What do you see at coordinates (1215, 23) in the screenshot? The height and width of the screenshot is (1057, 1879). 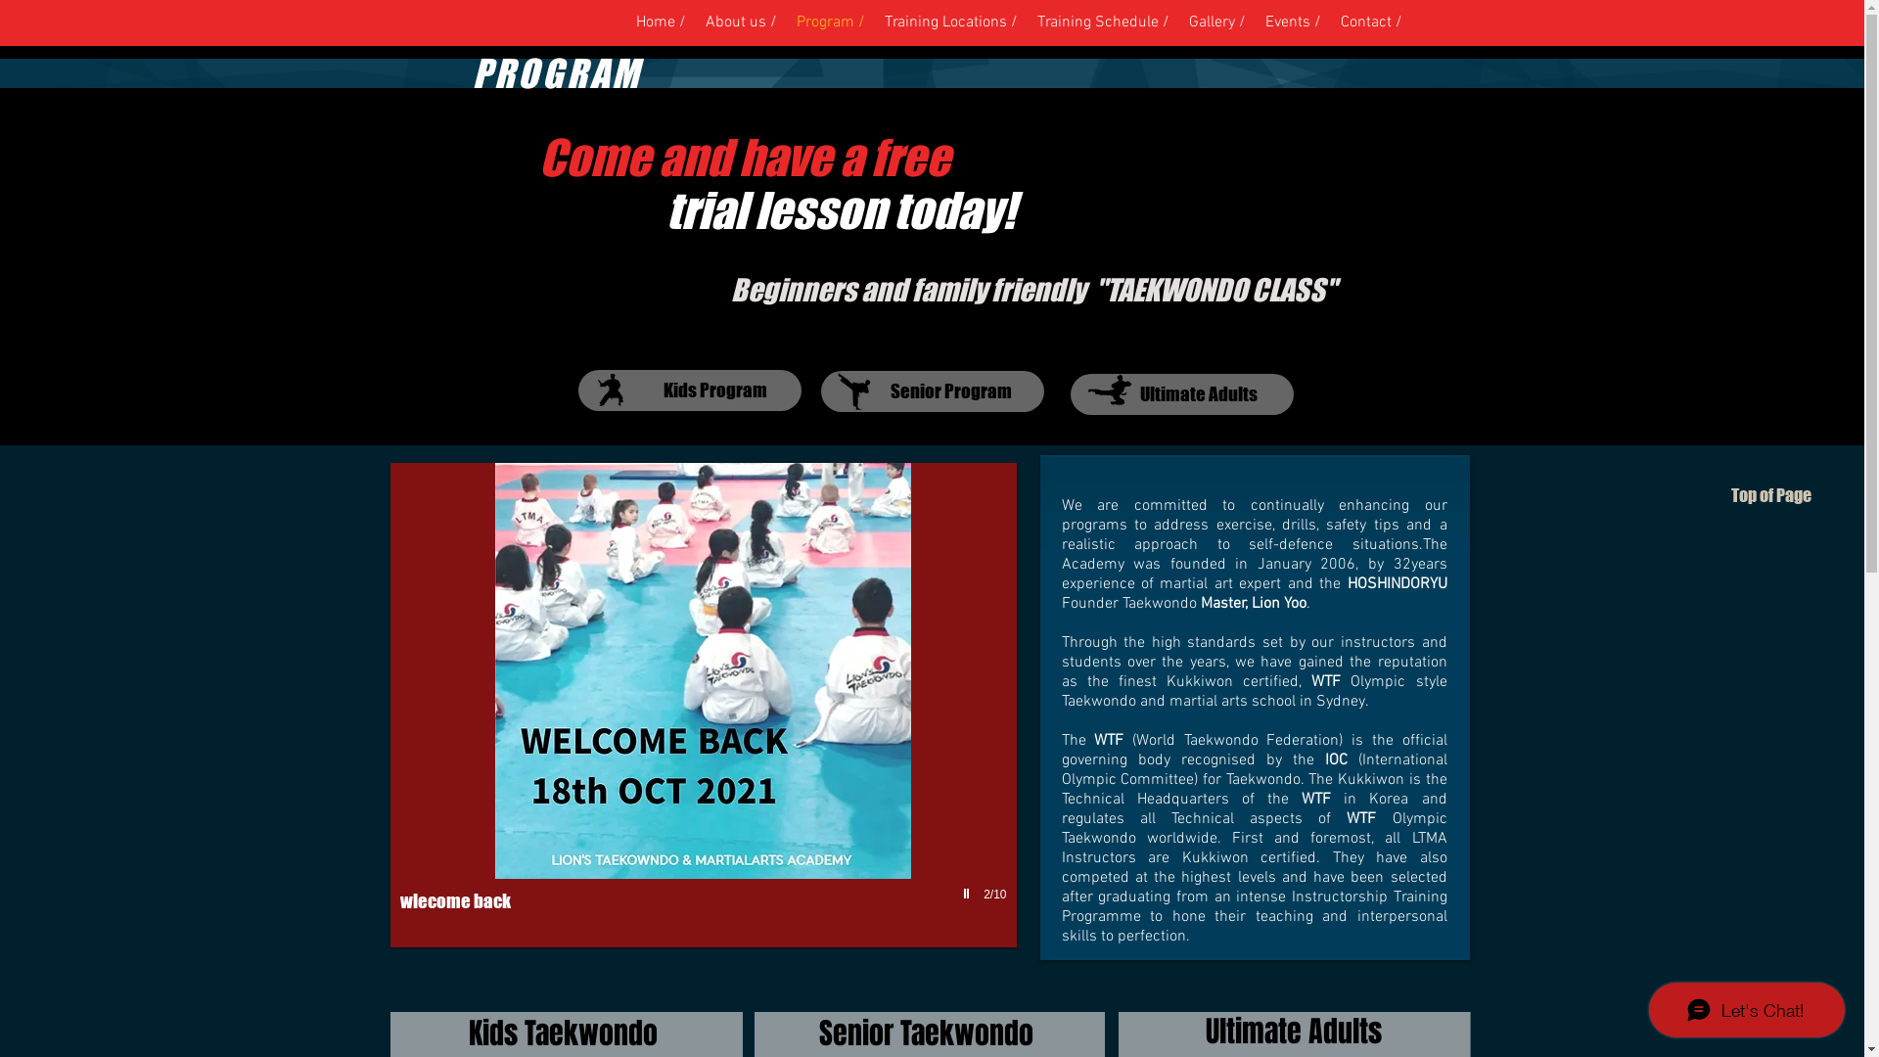 I see `'Gallery /'` at bounding box center [1215, 23].